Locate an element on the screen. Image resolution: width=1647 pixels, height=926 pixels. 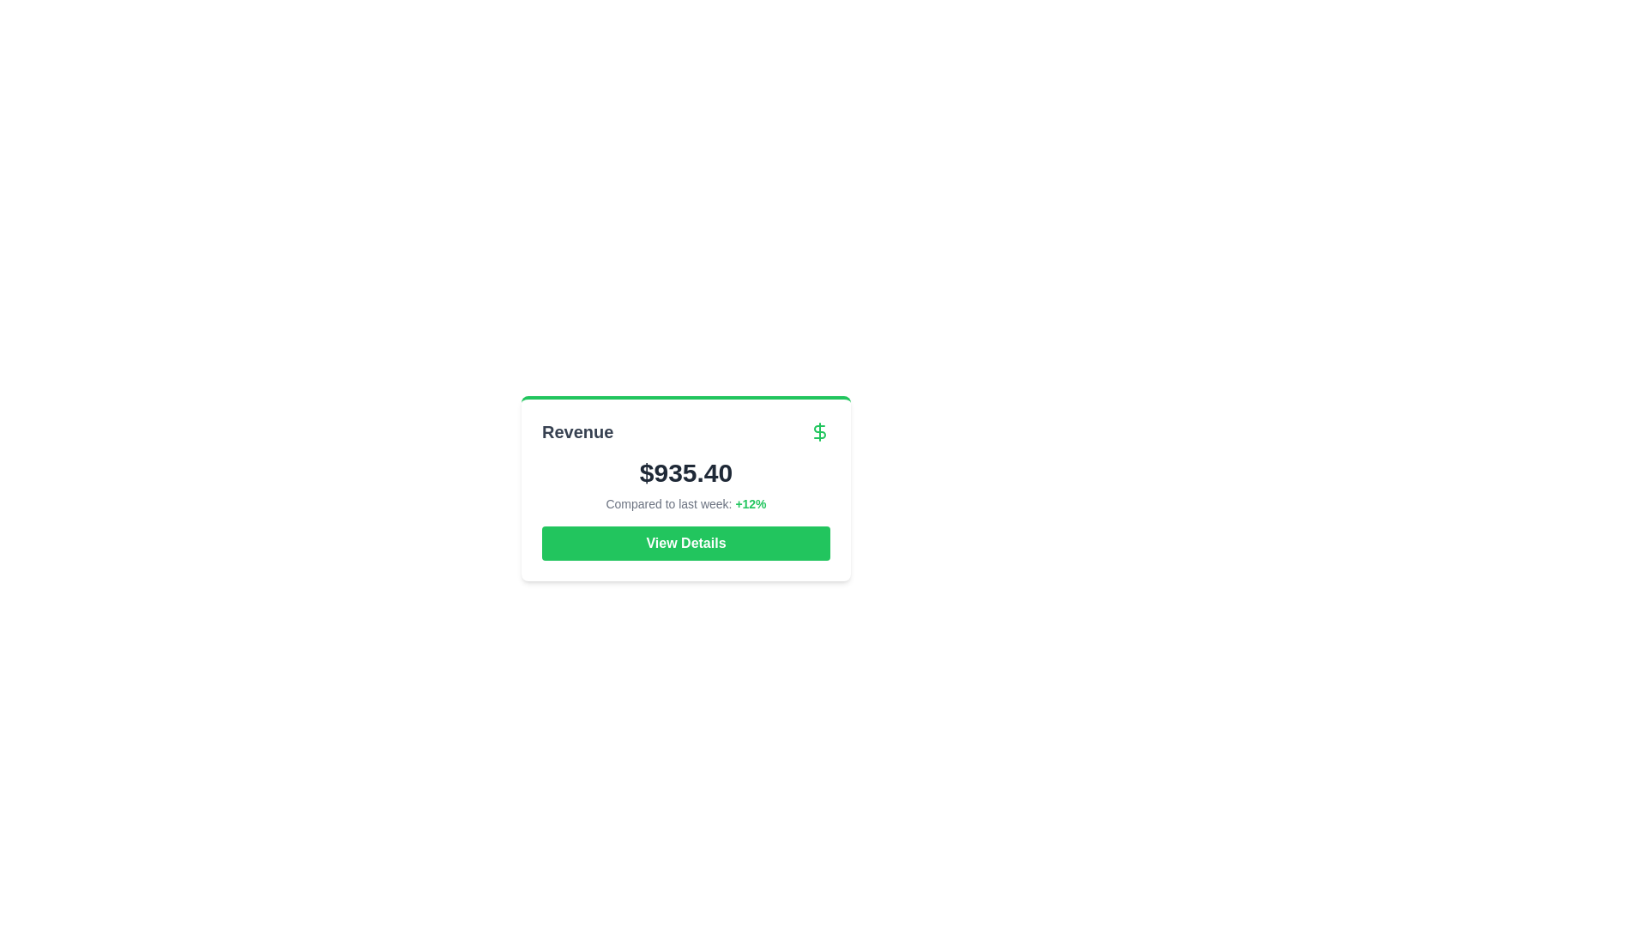
the revenue icon located at the top right corner of the card layout, next to the text 'Revenue' is located at coordinates (818, 431).